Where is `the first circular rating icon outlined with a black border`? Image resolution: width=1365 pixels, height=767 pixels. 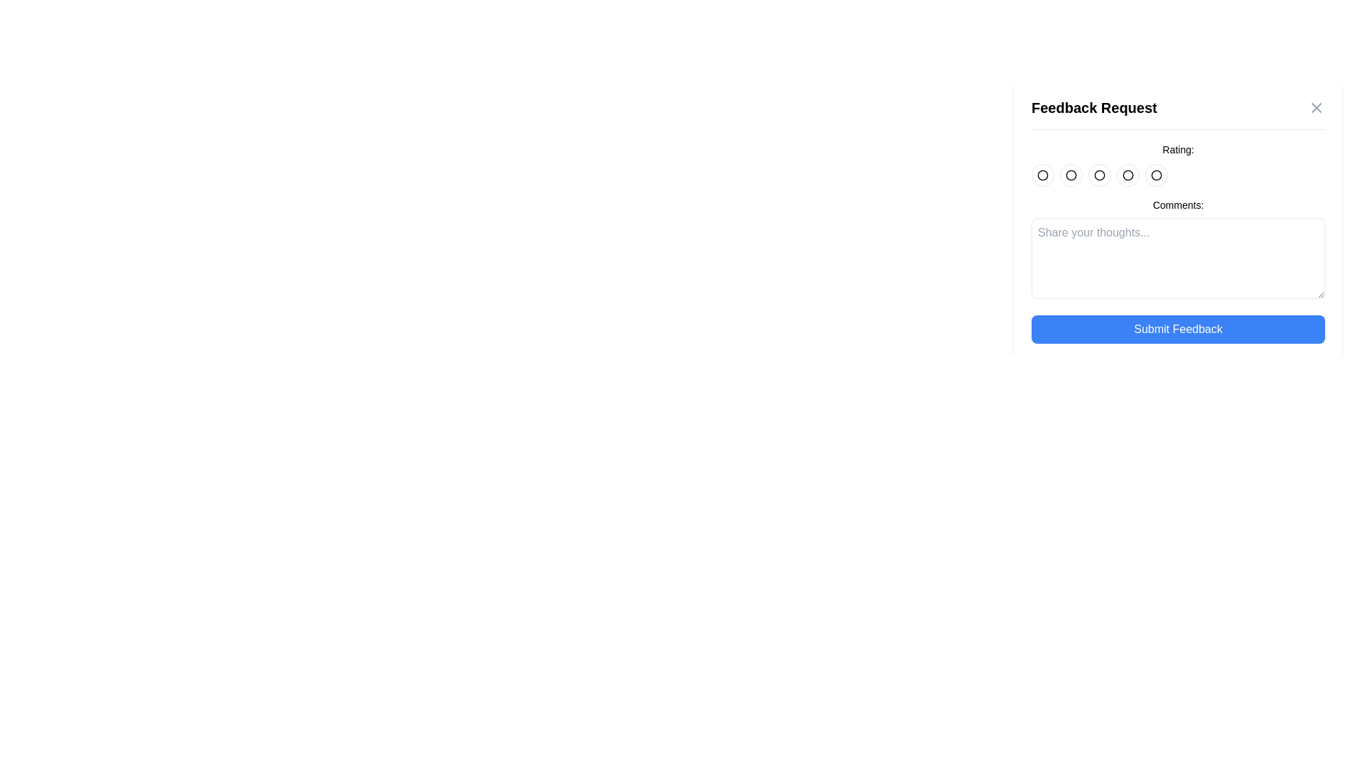 the first circular rating icon outlined with a black border is located at coordinates (1043, 174).